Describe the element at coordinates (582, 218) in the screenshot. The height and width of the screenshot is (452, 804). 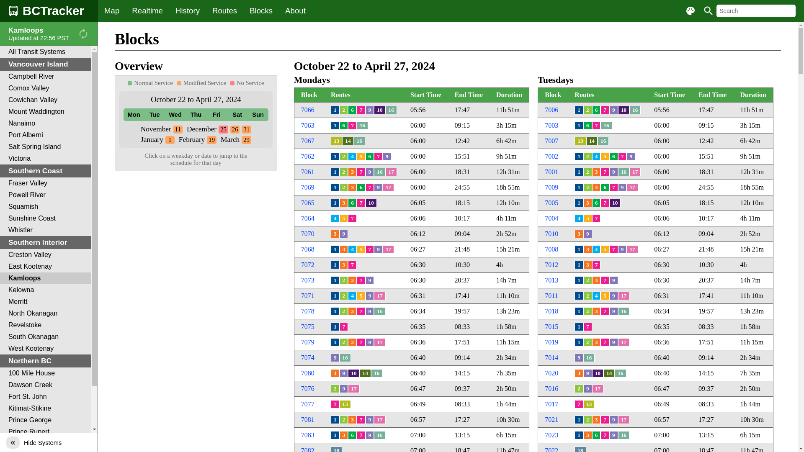
I see `'5'` at that location.